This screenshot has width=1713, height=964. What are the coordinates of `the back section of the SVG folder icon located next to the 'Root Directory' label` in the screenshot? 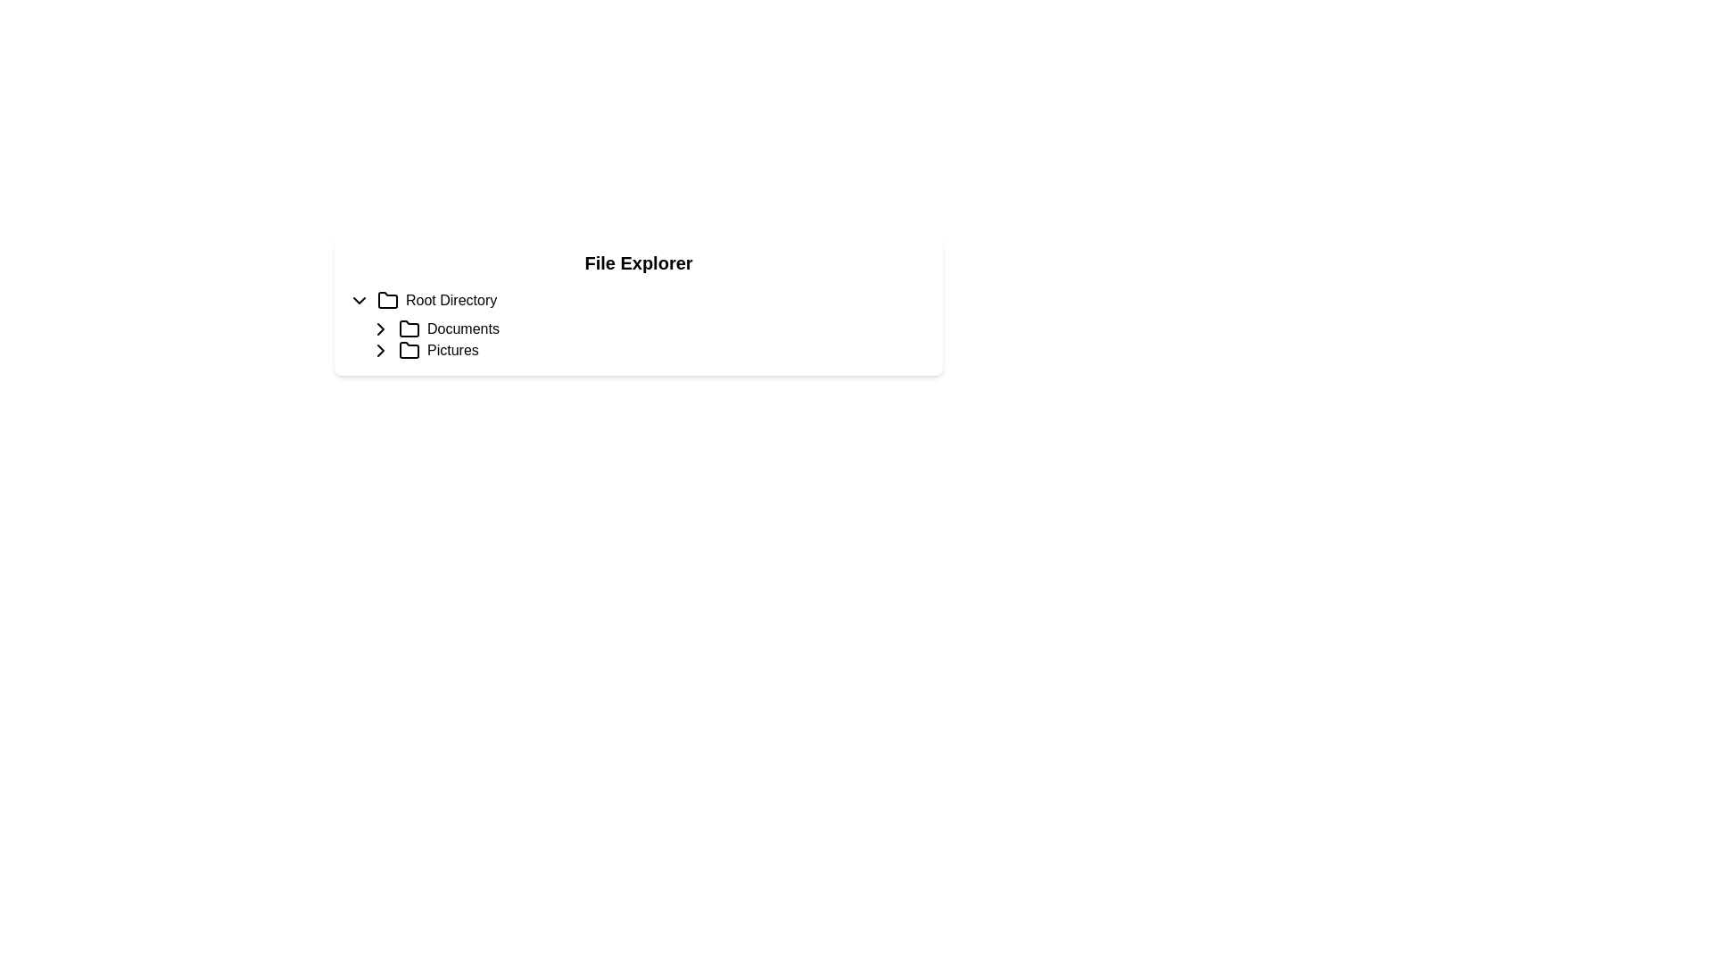 It's located at (387, 299).